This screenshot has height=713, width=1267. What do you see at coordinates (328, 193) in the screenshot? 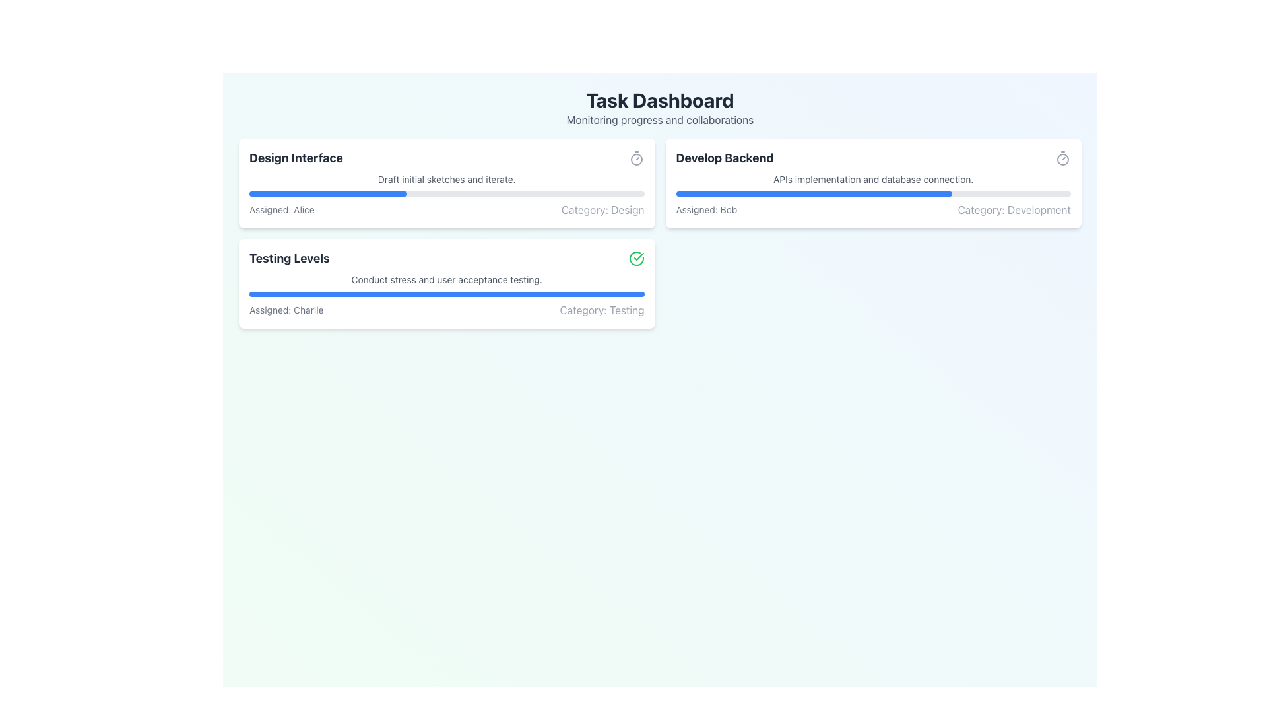
I see `the blue progress bar segment indicating progress for the 'Design Interface' task in the task dashboard` at bounding box center [328, 193].